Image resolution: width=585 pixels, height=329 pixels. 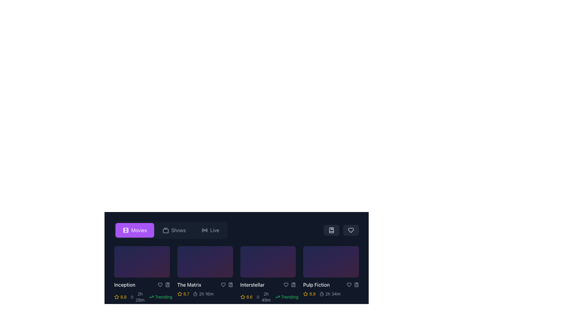 I want to click on the non-interactive green 'Trending' label with an upward arrow icon, which is located at the rightmost position of the movie card interface, so click(x=286, y=296).